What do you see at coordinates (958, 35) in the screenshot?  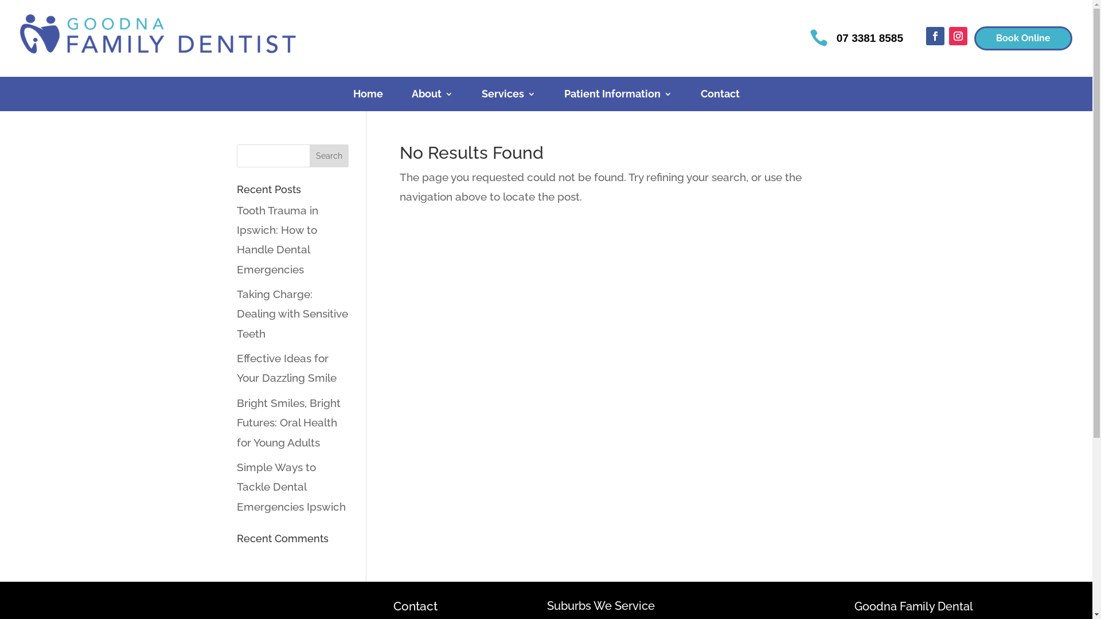 I see `'Follow on Instagram'` at bounding box center [958, 35].